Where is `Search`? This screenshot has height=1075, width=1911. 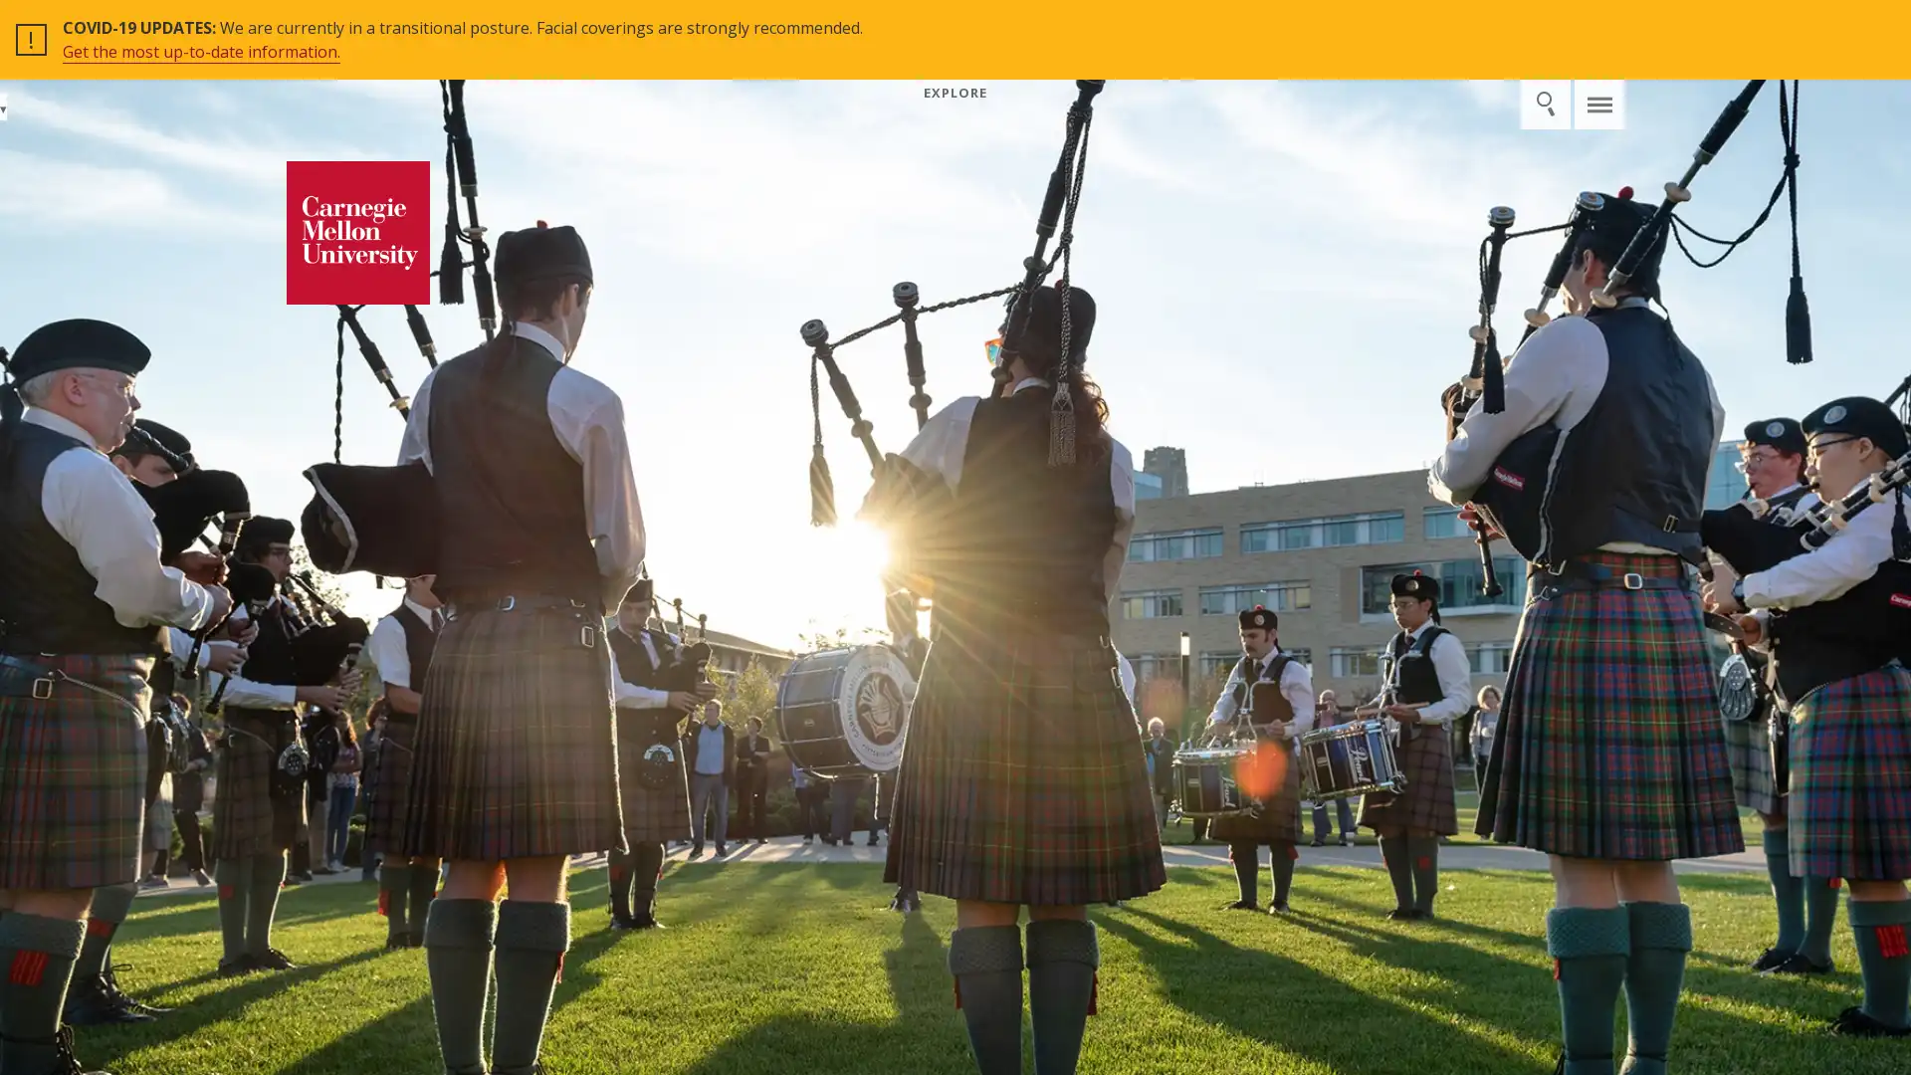
Search is located at coordinates (1544, 104).